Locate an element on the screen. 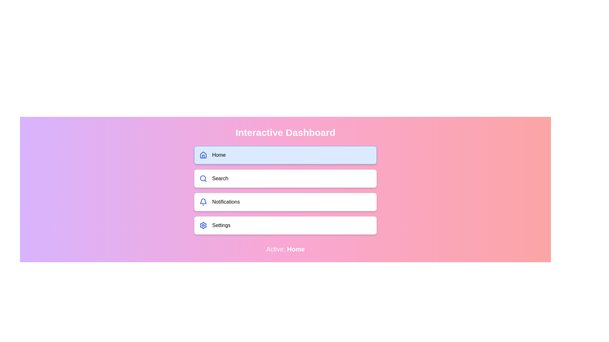 The height and width of the screenshot is (342, 609). the Search navigation menu item is located at coordinates (285, 178).